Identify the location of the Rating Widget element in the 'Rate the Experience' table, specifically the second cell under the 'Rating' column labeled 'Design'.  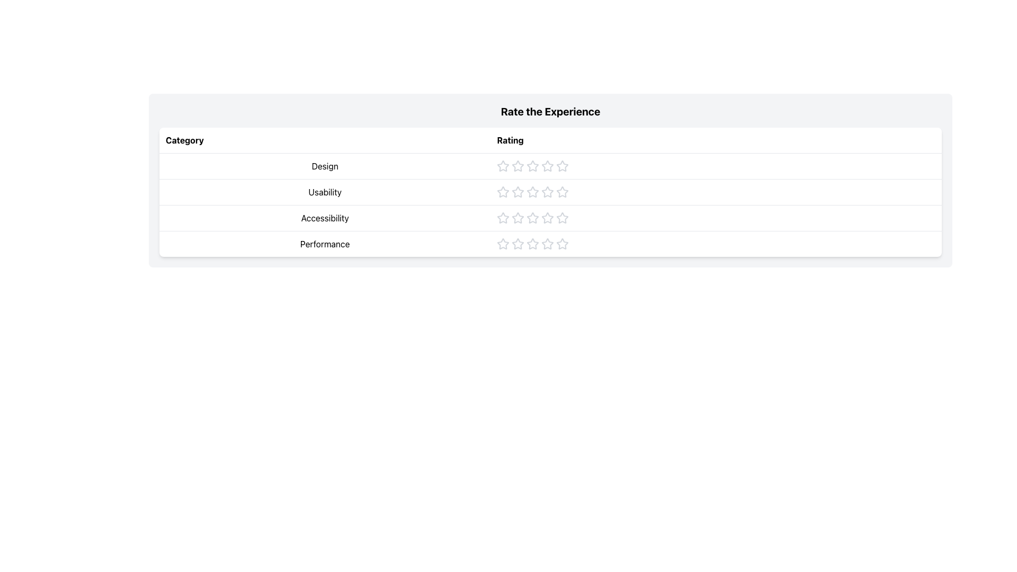
(716, 166).